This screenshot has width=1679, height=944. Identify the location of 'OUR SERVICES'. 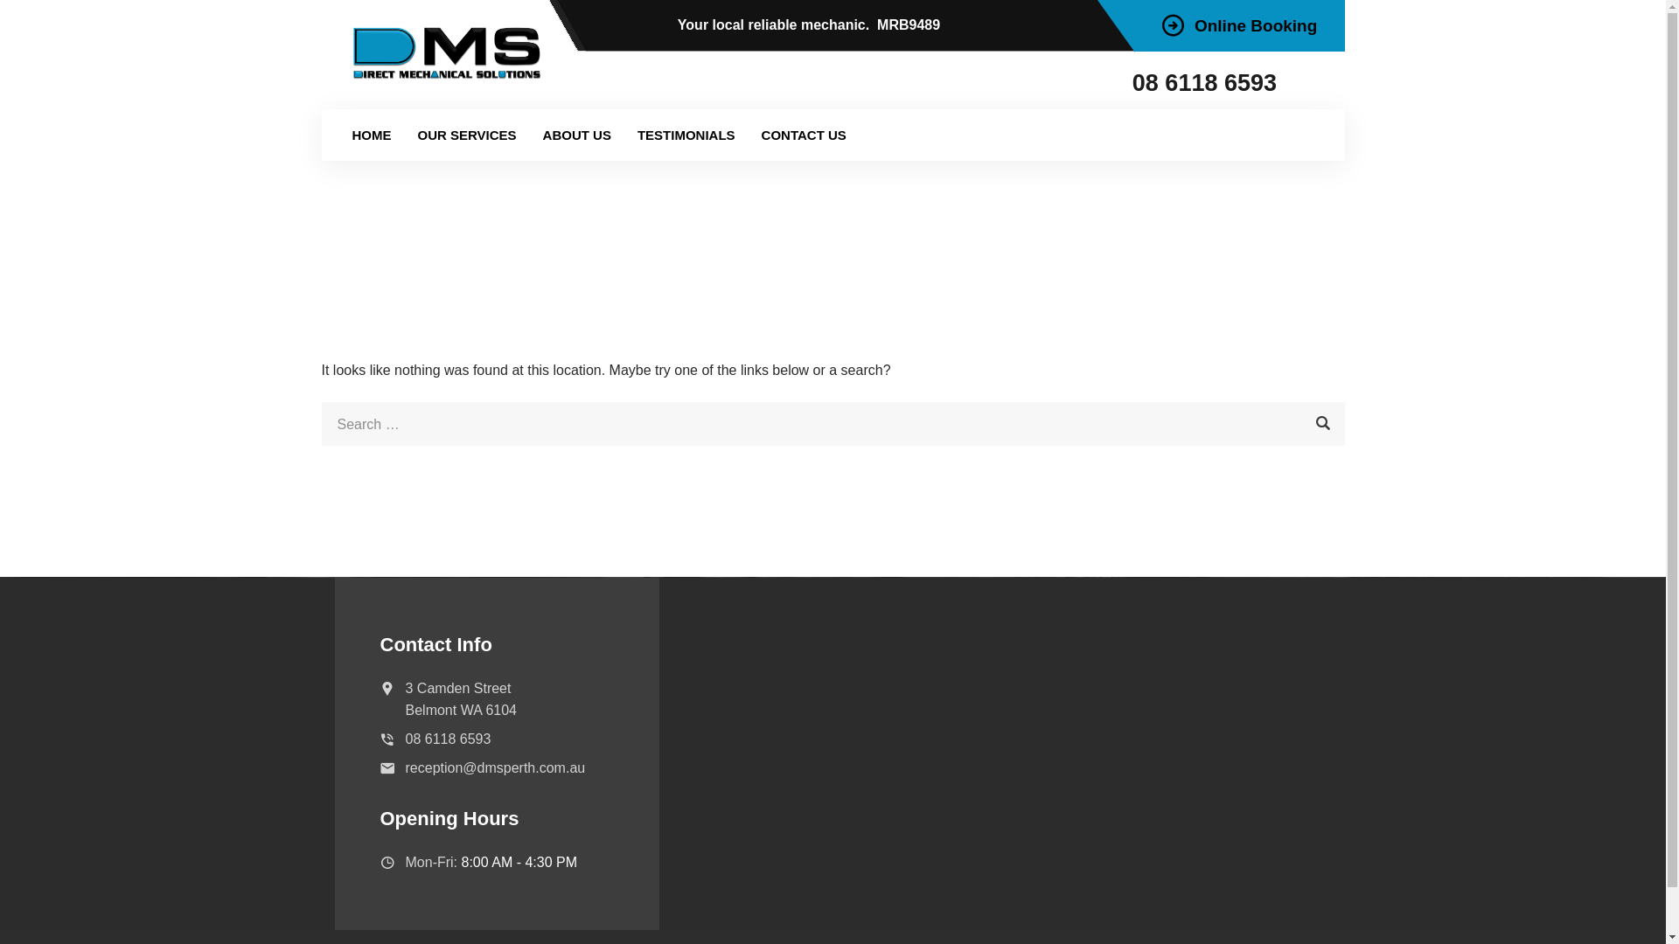
(466, 134).